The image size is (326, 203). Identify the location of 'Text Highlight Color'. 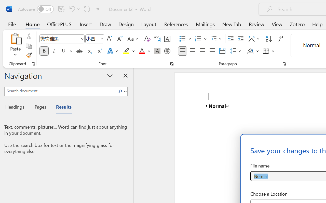
(129, 51).